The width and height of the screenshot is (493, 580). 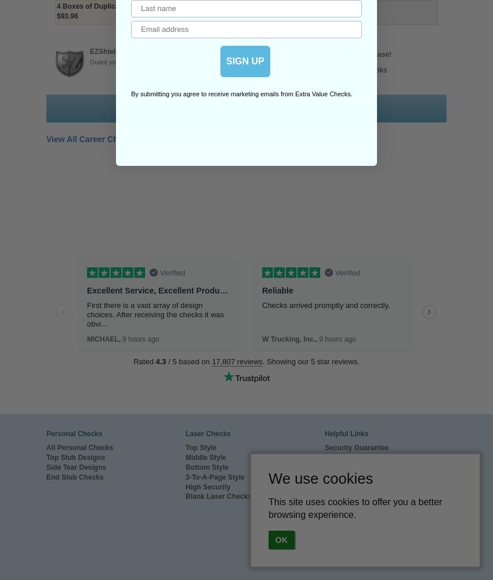 What do you see at coordinates (324, 525) in the screenshot?
I see `'Shopping Cart'` at bounding box center [324, 525].